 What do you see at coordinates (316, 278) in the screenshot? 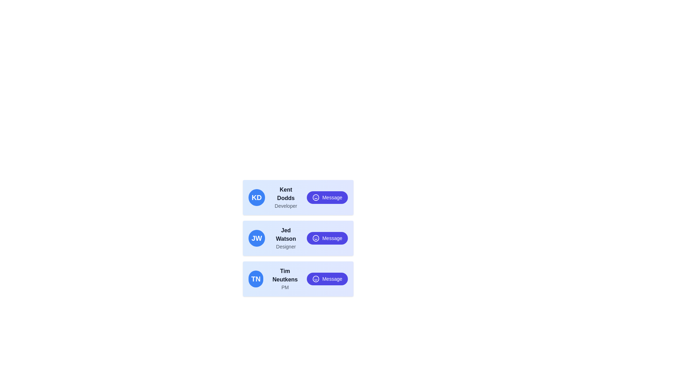
I see `the circular smiling face icon with a blue outline located to the left of the 'Message' button text for 'Tim Neutkens, PM'` at bounding box center [316, 278].